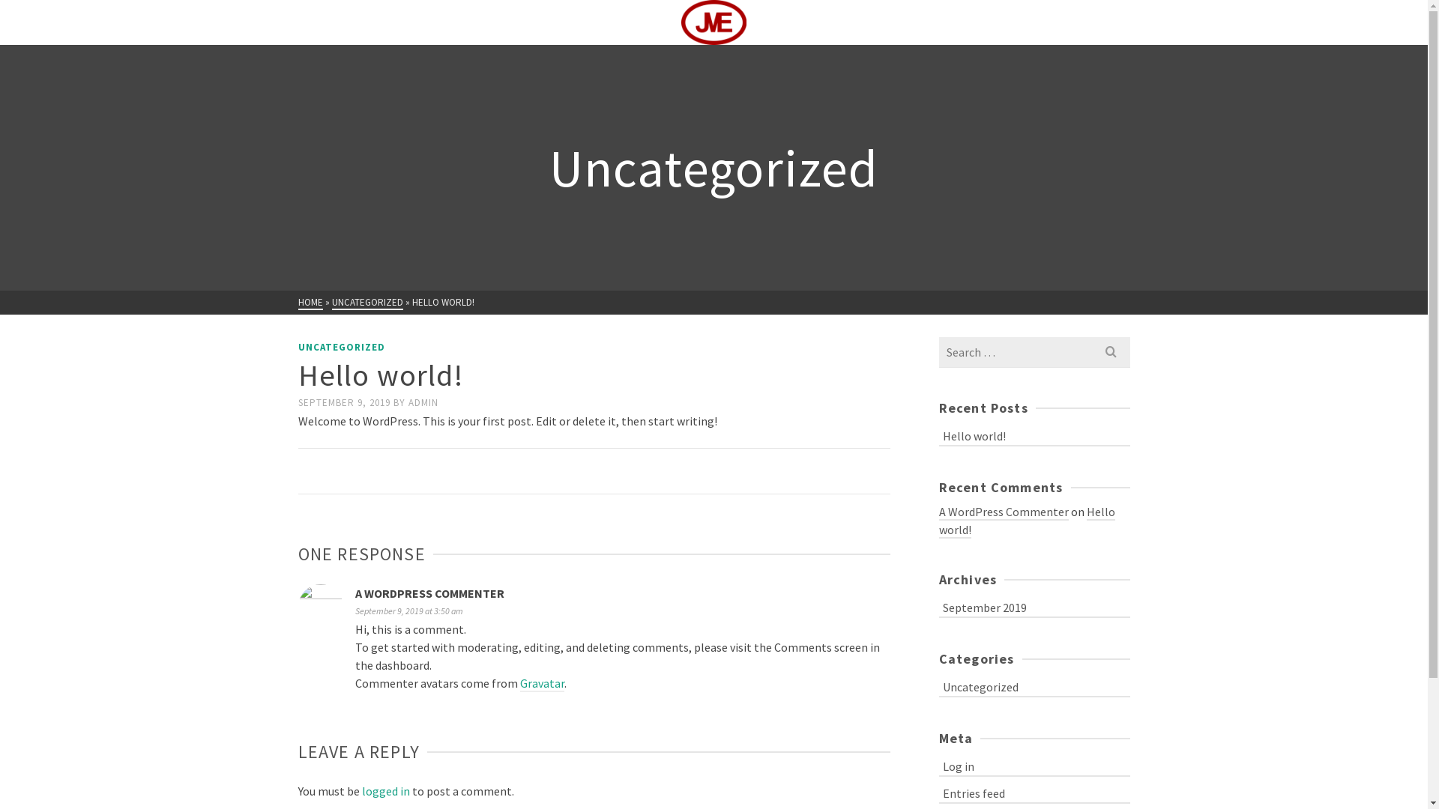 The width and height of the screenshot is (1439, 809). Describe the element at coordinates (1033, 791) in the screenshot. I see `'Entries feed'` at that location.